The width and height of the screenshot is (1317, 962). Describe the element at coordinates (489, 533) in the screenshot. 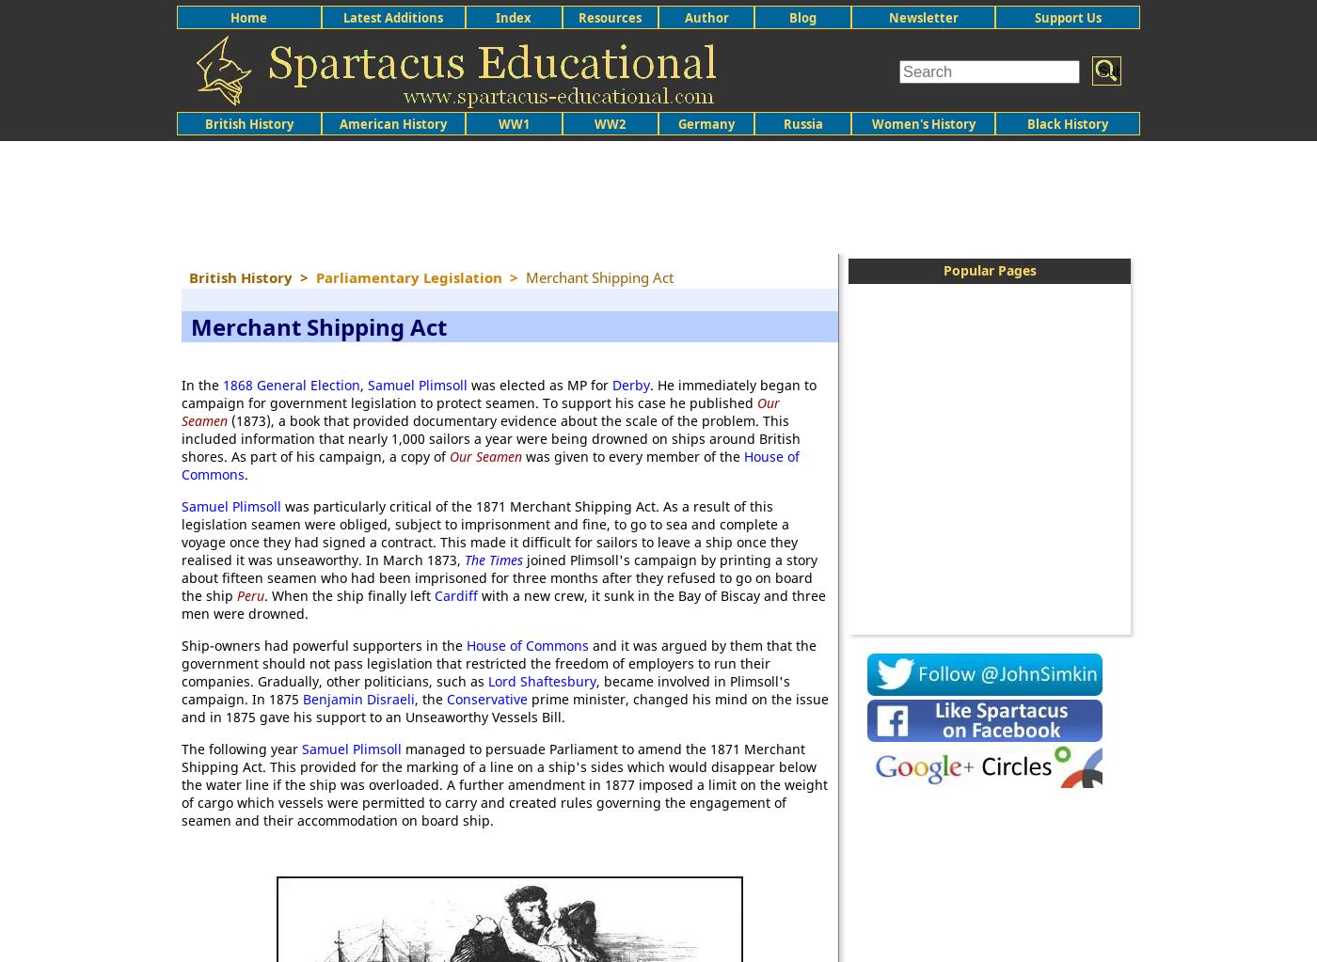

I see `'was particularly critical of the 1871 Merchant Shipping Act. As a result of this legislation seamen were obliged, subject to imprisonment and fine, to go to sea and complete a voyage once they had signed a contract. This made it difficult for sailors to leave a ship once they realised it was unseaworthy. In March 1873,'` at that location.